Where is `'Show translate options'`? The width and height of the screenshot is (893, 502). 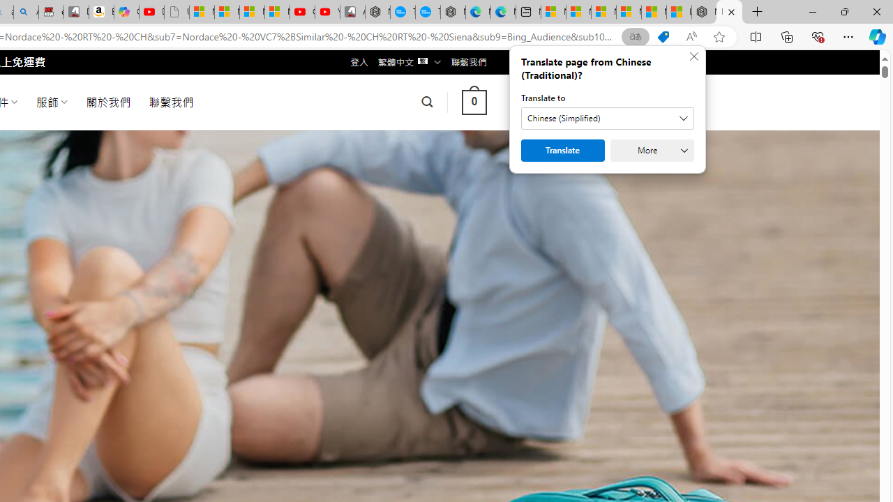
'Show translate options' is located at coordinates (634, 36).